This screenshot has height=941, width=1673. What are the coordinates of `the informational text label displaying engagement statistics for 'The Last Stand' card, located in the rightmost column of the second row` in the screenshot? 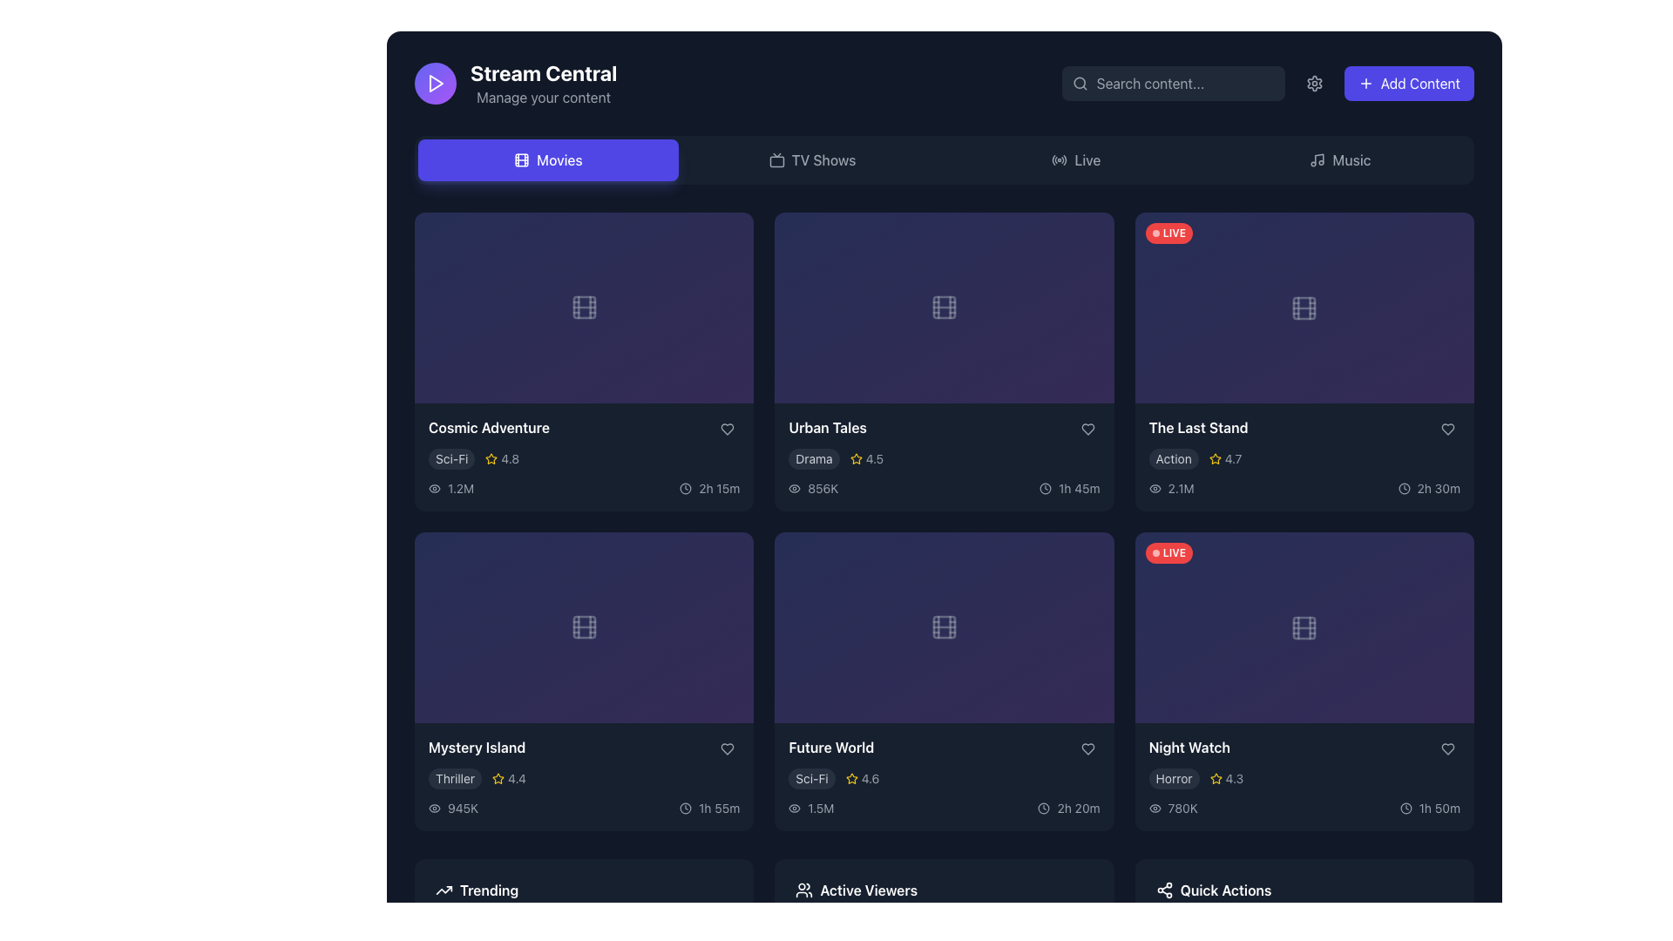 It's located at (1171, 488).